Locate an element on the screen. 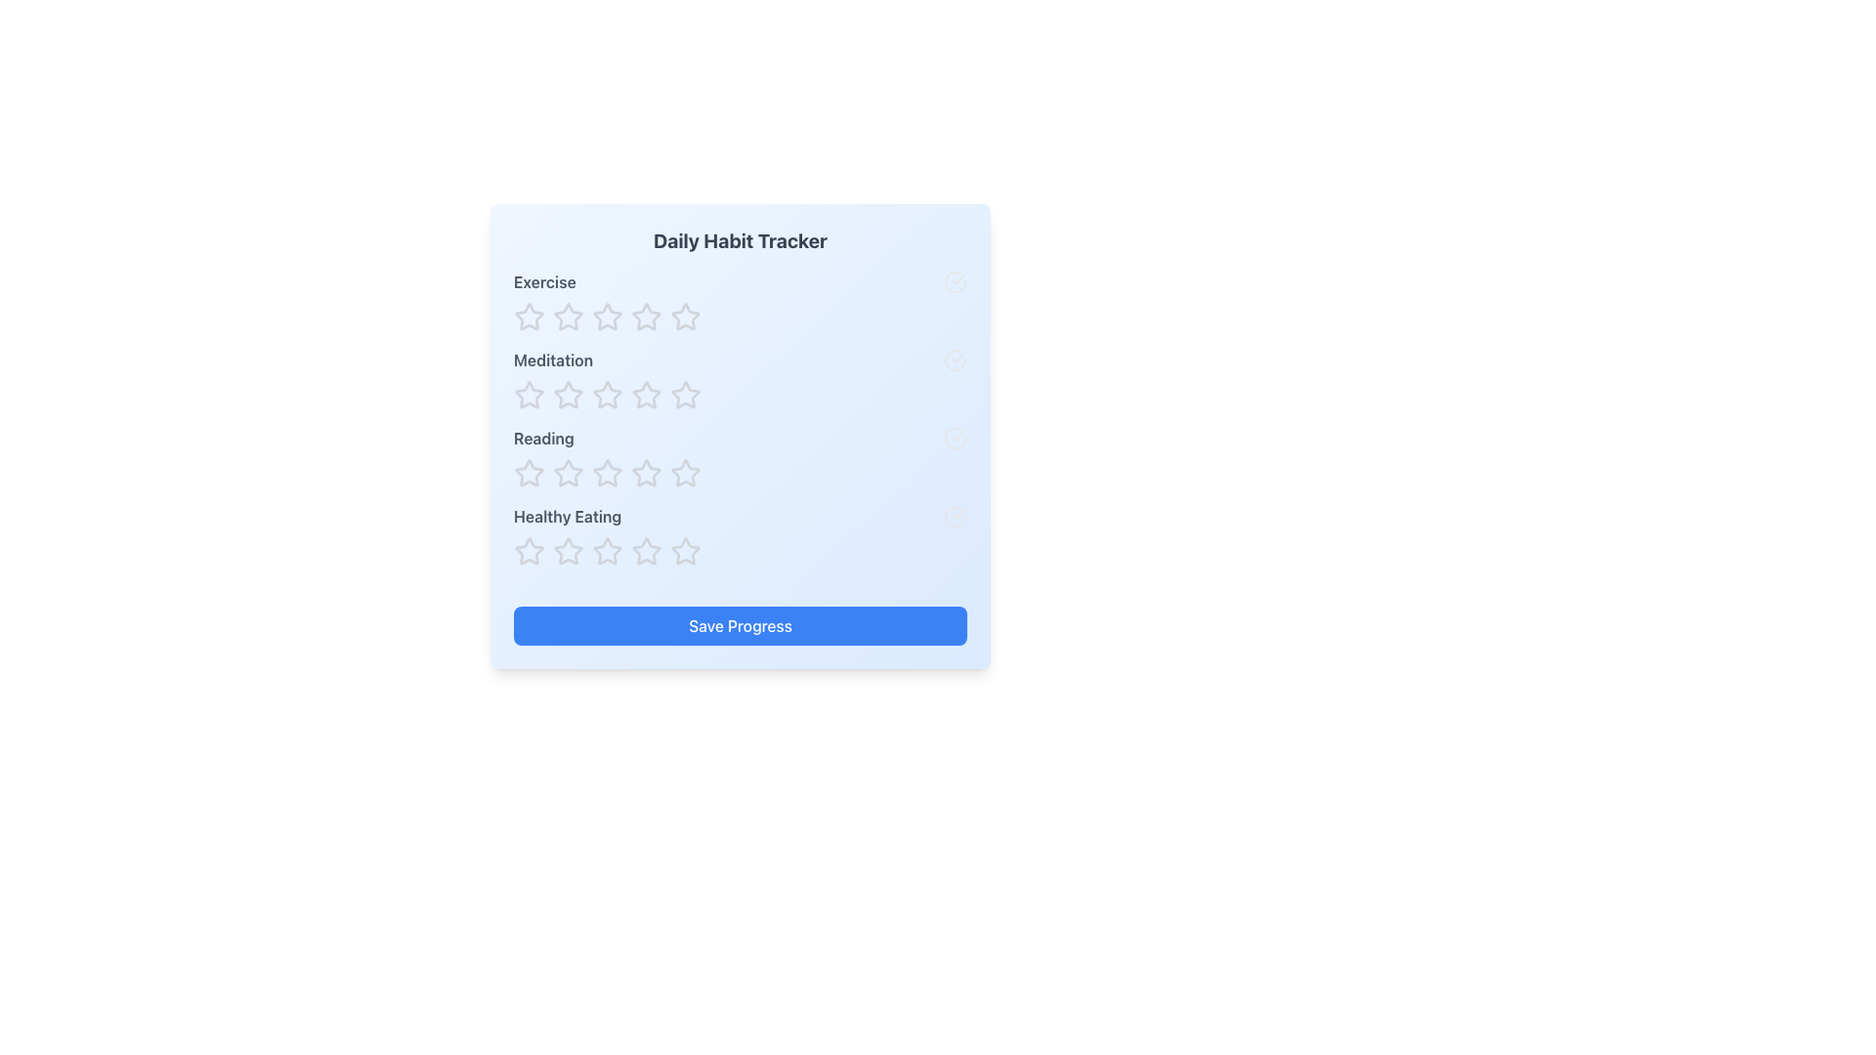 The width and height of the screenshot is (1876, 1055). the fourth star icon in the rating component for the 'Reading' category to receive possible feedback is located at coordinates (685, 473).